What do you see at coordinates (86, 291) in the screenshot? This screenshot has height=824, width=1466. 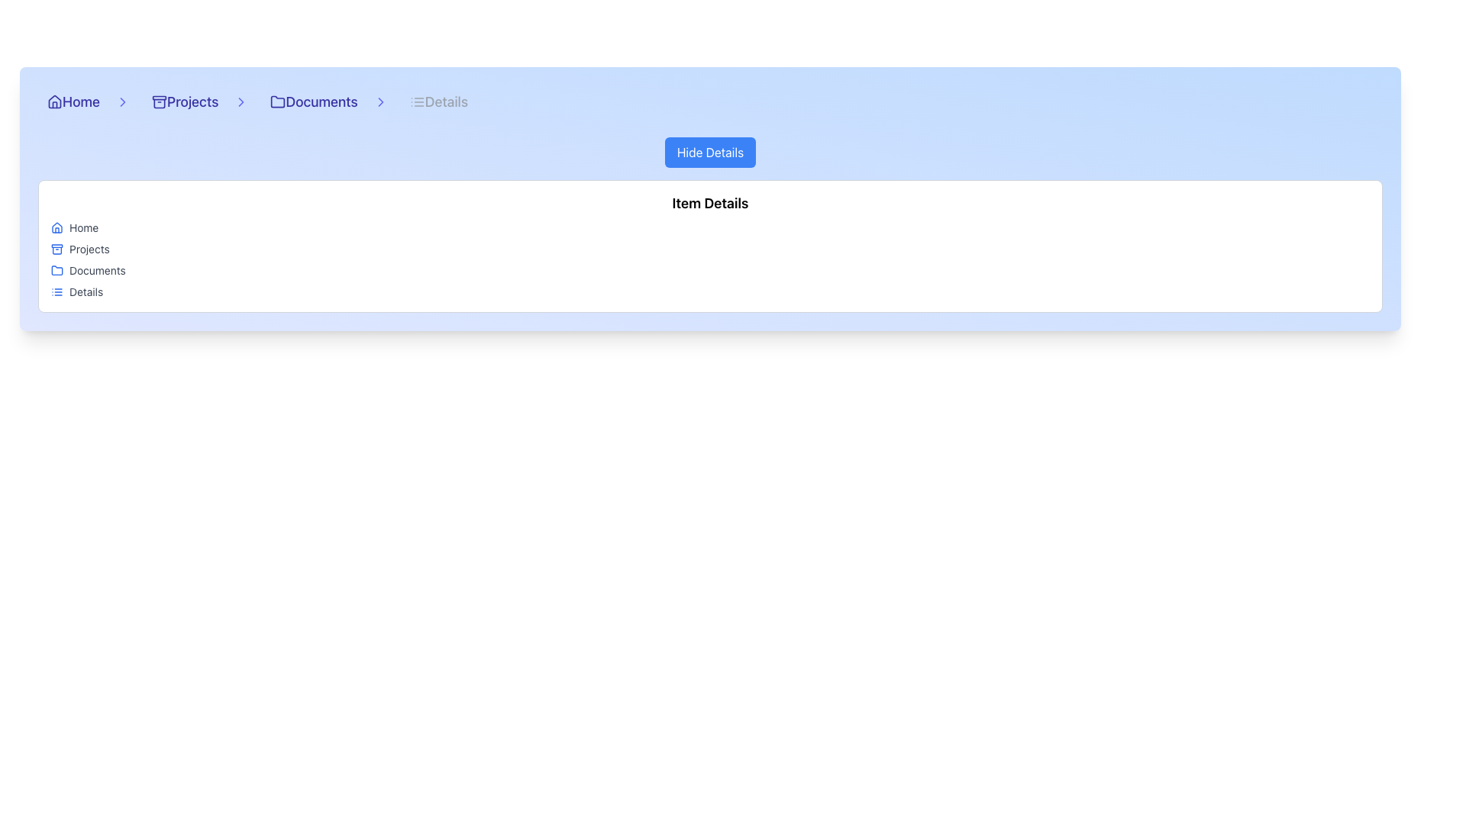 I see `the 'Details' text label, which is gray and part of the navigation panel, positioned below the breadcrumb navigation` at bounding box center [86, 291].